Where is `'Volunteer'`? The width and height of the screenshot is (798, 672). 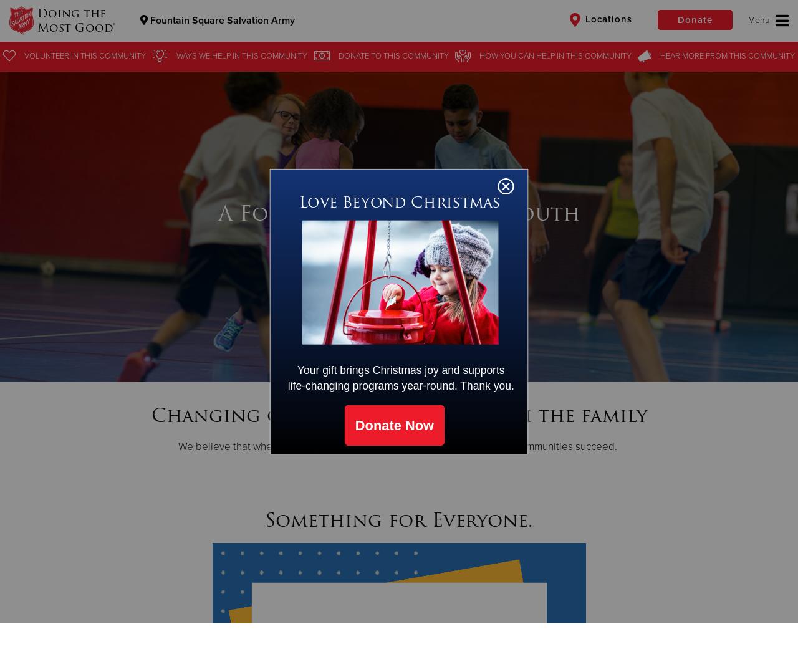 'Volunteer' is located at coordinates (47, 55).